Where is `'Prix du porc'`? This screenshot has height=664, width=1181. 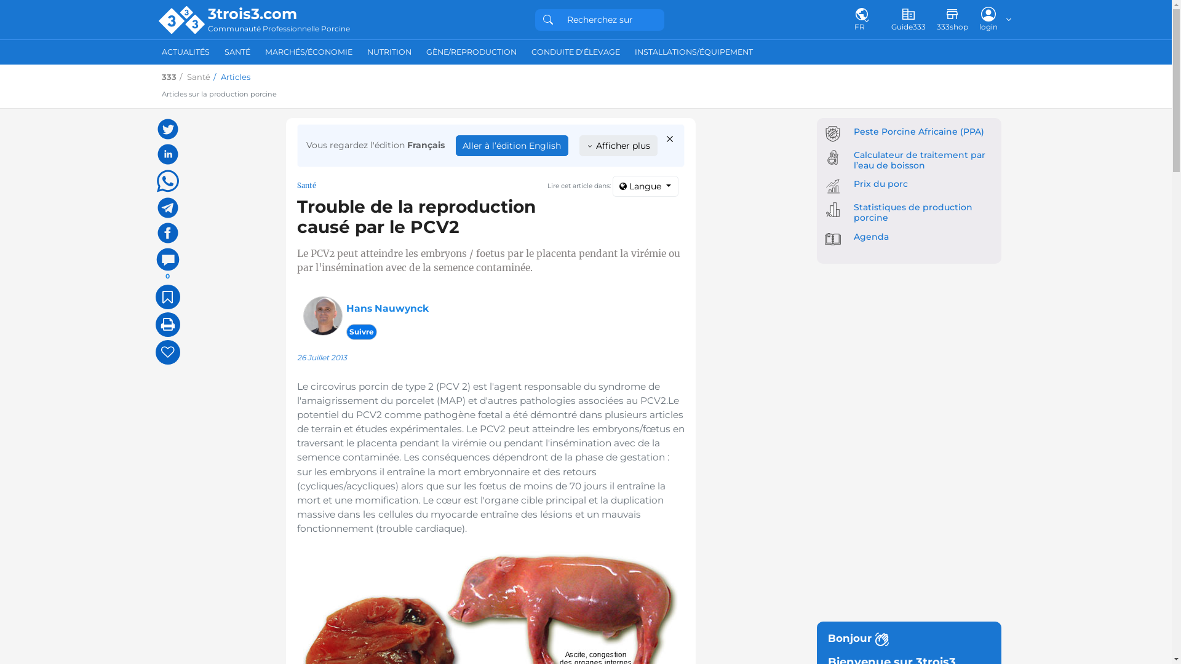
'Prix du porc' is located at coordinates (880, 184).